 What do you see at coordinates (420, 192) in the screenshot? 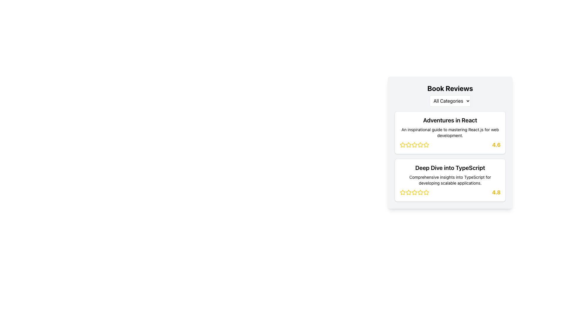
I see `the fifth star icon in the rating indicators under the title 'Deep Dive into TypeScript'` at bounding box center [420, 192].